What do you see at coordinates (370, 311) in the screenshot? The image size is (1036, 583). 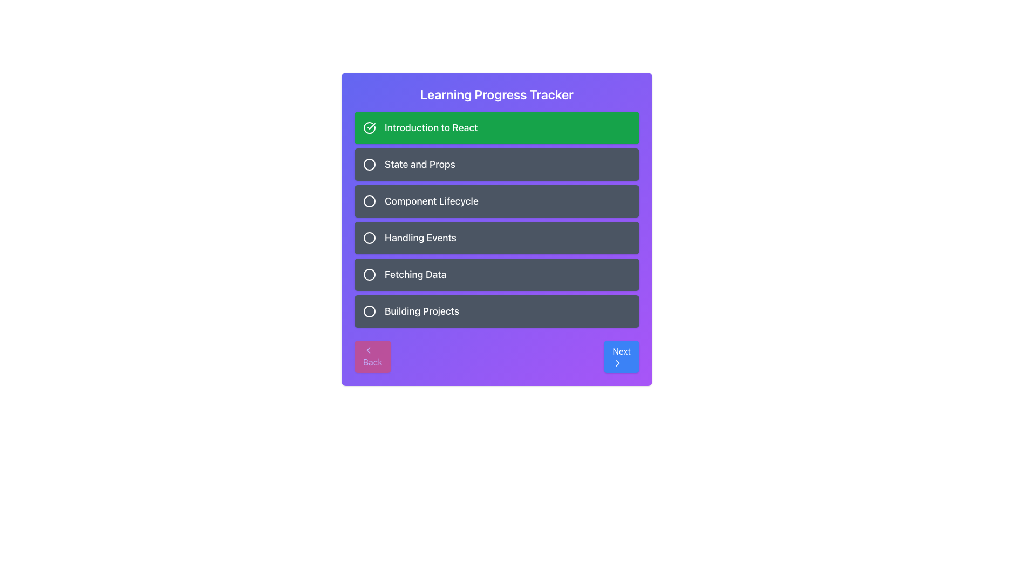 I see `the circular radio button in the 'Building Projects' segment of the Learning Progress Tracker interface` at bounding box center [370, 311].